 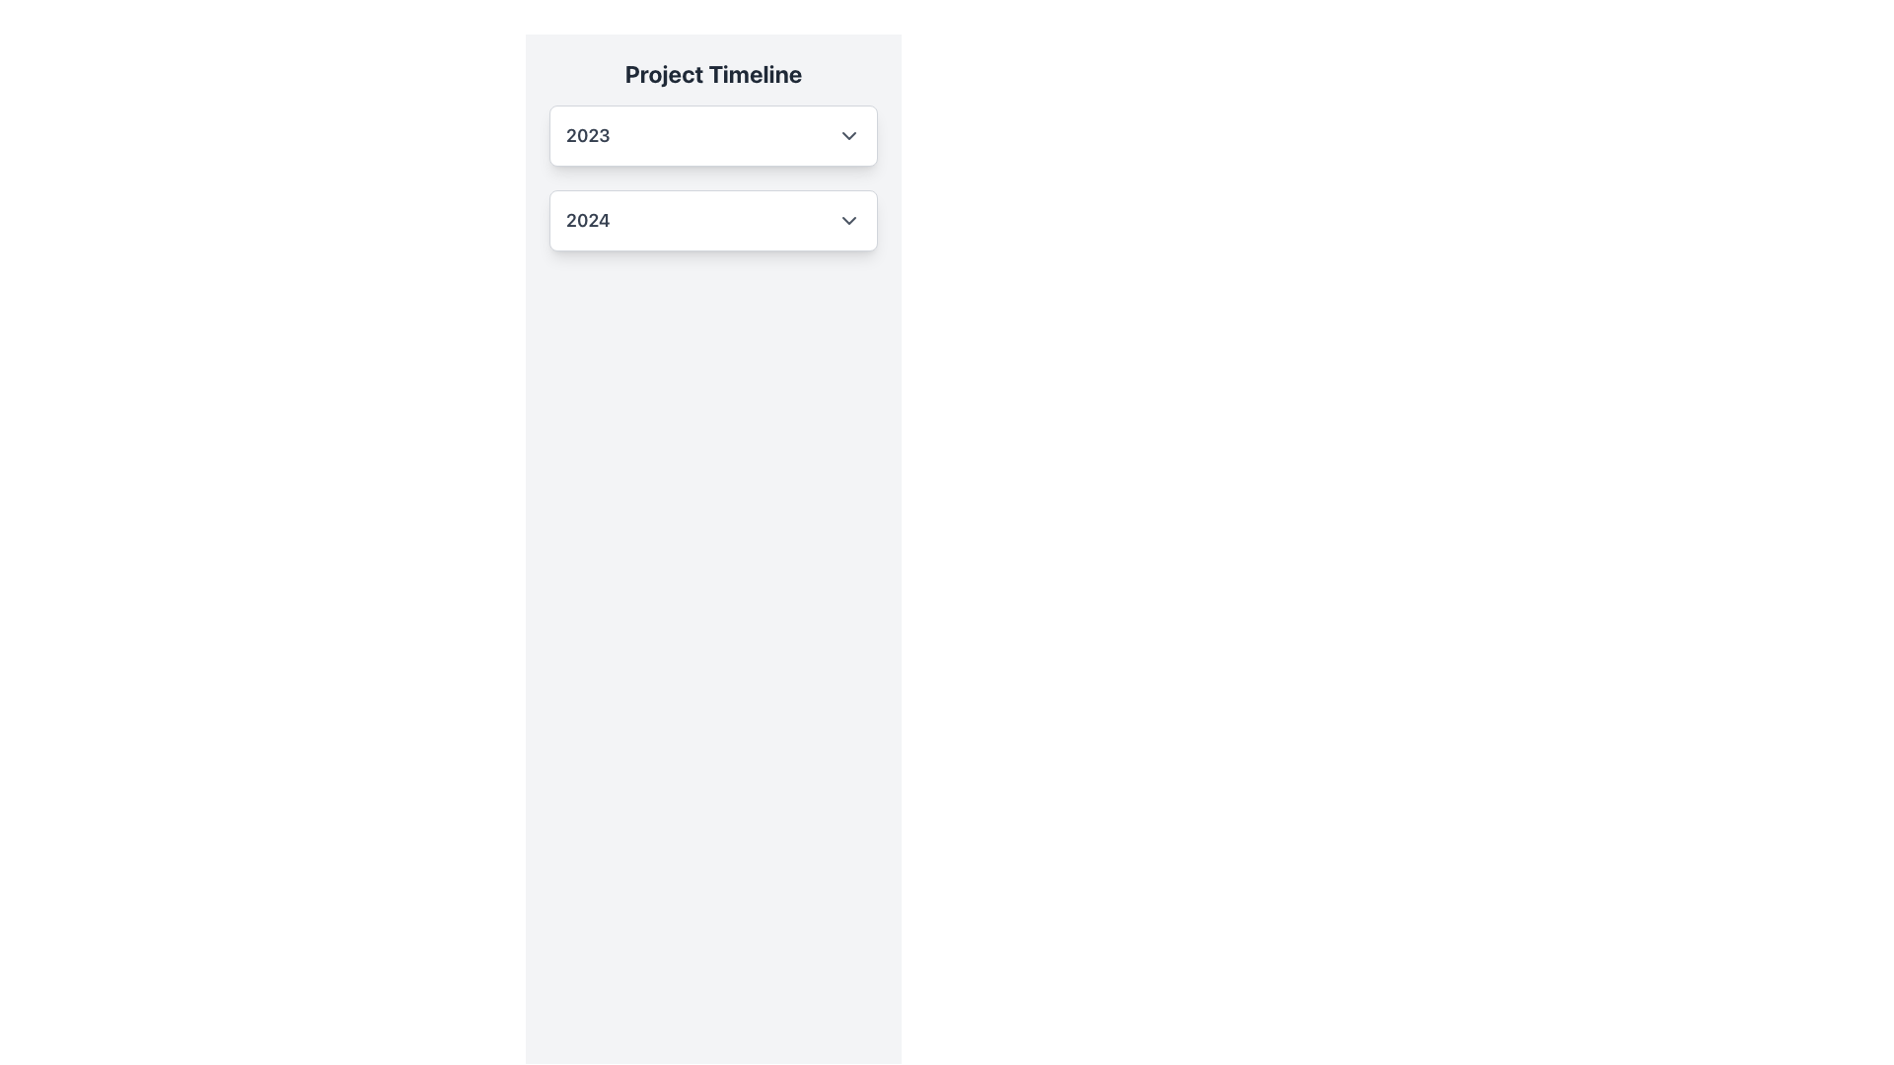 I want to click on the button displaying '2024' with a right-facing chevron icon, located below the '2023' option in a vertically stacked list, so click(x=712, y=220).